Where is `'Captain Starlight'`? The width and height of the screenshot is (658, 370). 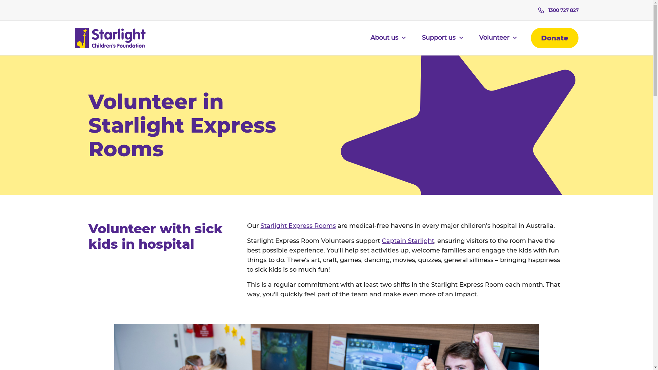 'Captain Starlight' is located at coordinates (408, 240).